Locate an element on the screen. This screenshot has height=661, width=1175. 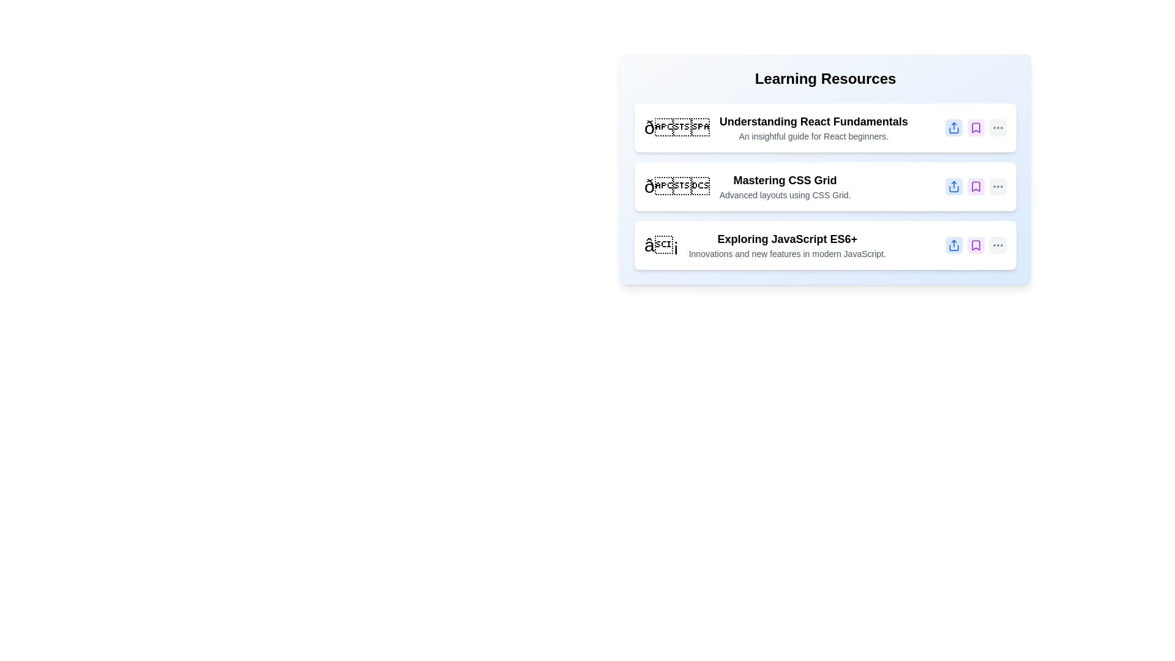
the item Understanding React Fundamentals to observe the hover effect is located at coordinates (825, 127).